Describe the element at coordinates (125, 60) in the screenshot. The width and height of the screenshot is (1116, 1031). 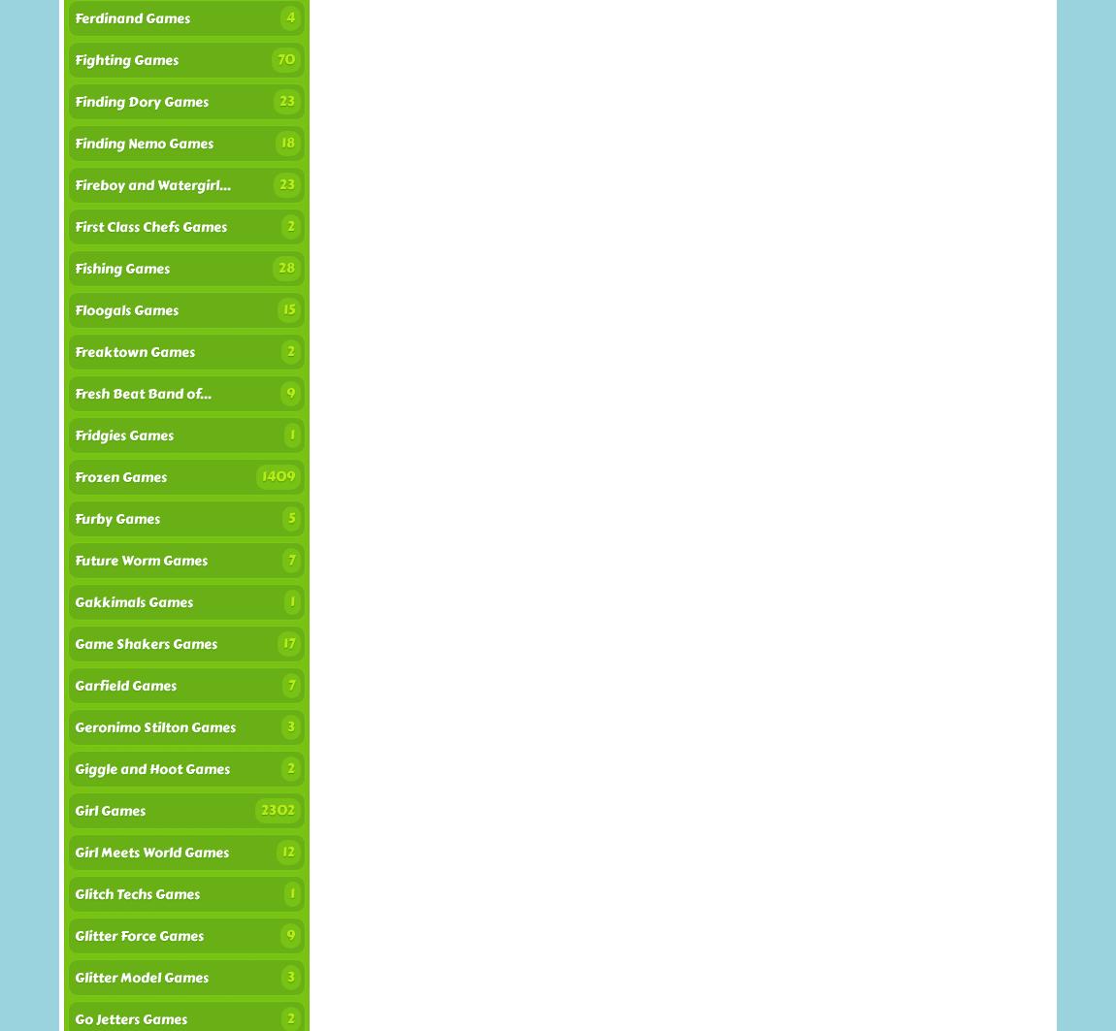
I see `'Fighting Games'` at that location.